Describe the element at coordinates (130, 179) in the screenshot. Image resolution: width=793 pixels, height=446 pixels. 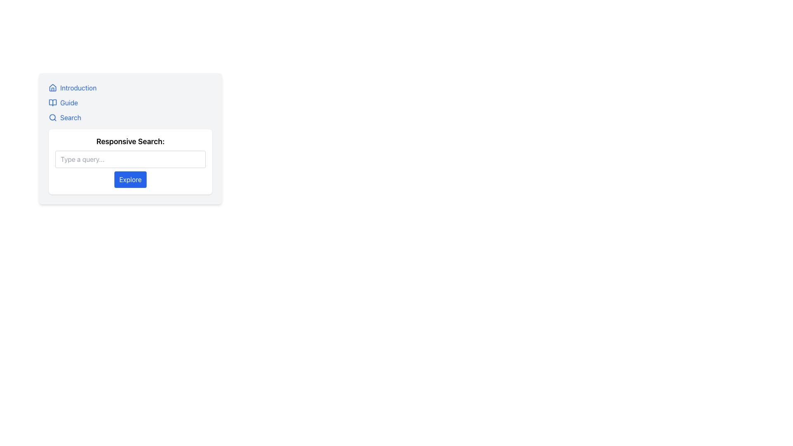
I see `the button located below the input field labeled 'Type a query...' and the heading 'Responsive Search:' to trigger a hover effect` at that location.